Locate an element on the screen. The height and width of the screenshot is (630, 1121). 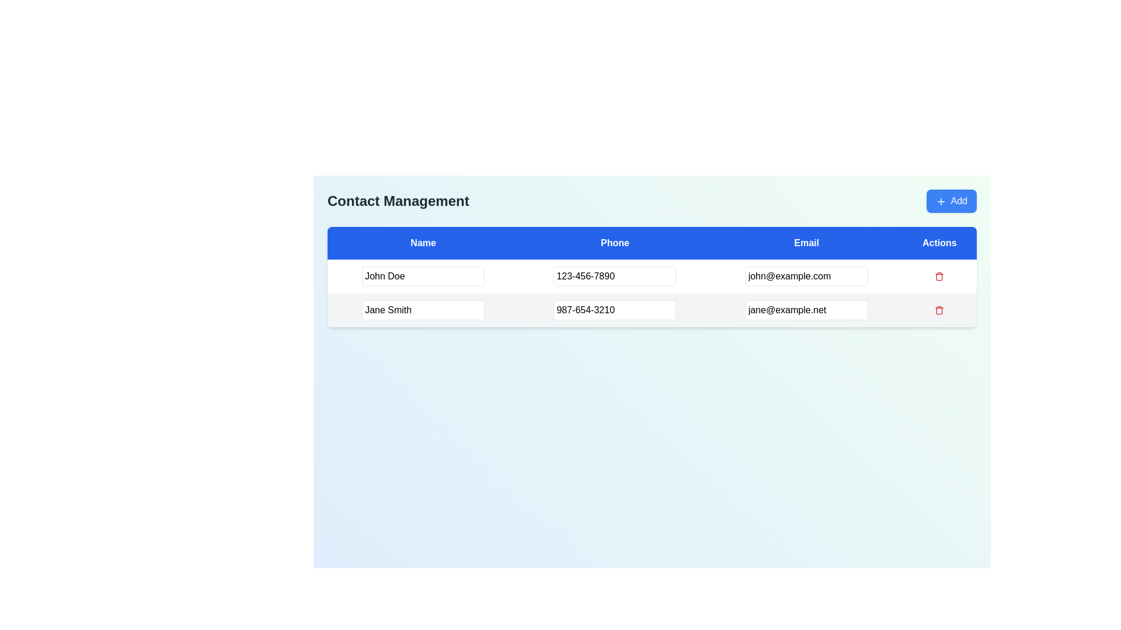
the addition icon located at the start of the blue rectangle button labeled 'Add' in the upper-right corner of the user interface is located at coordinates (941, 201).